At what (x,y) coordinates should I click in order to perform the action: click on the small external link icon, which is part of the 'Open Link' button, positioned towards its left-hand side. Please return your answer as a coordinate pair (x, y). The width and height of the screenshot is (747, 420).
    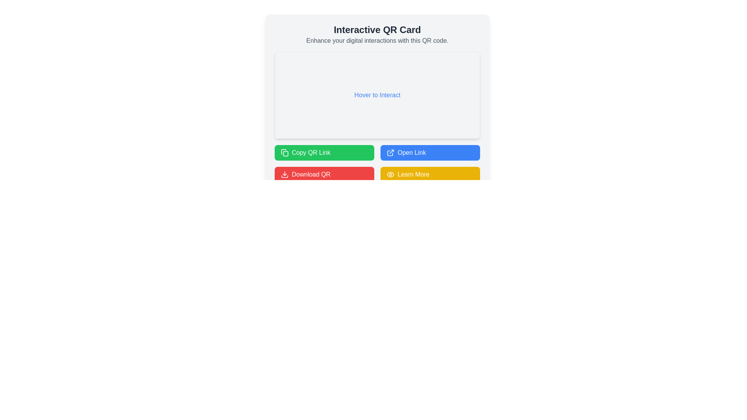
    Looking at the image, I should click on (390, 153).